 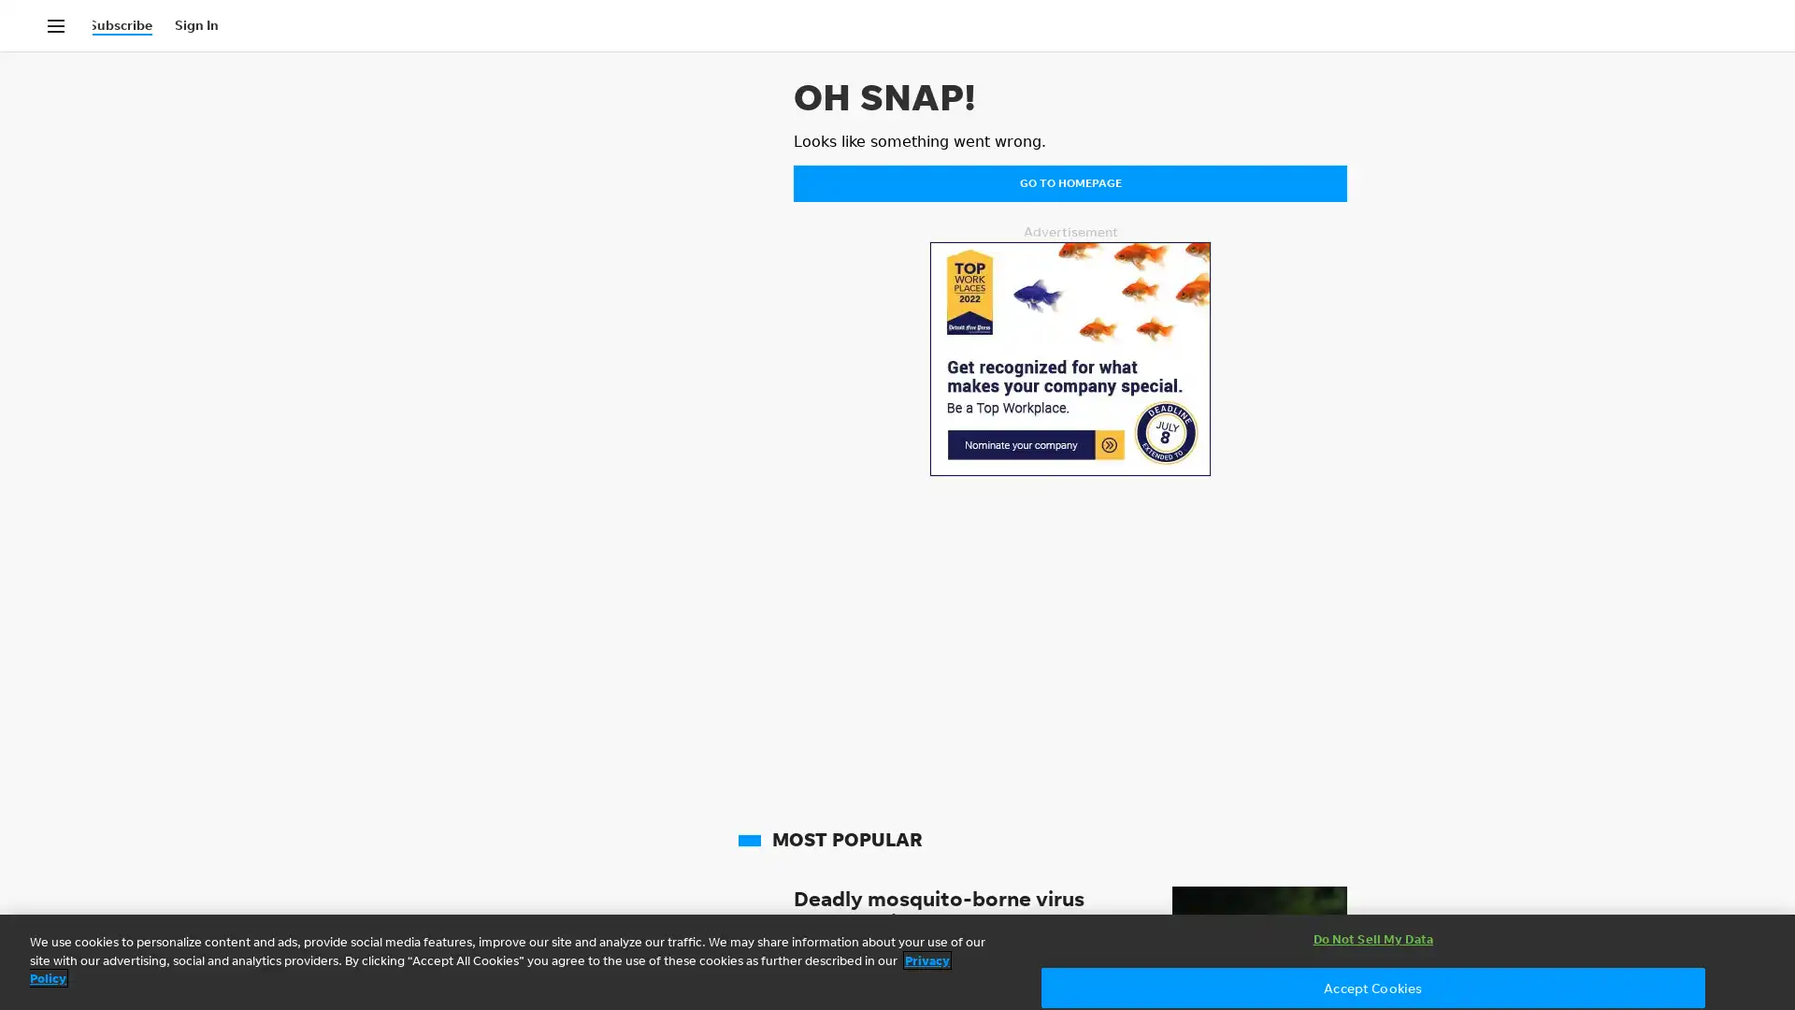 I want to click on Accept Cookies, so click(x=1372, y=987).